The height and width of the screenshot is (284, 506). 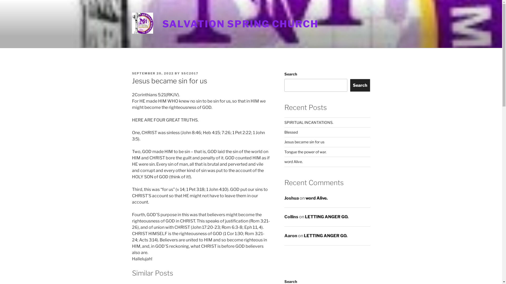 What do you see at coordinates (181, 73) in the screenshot?
I see `'SSC2017'` at bounding box center [181, 73].